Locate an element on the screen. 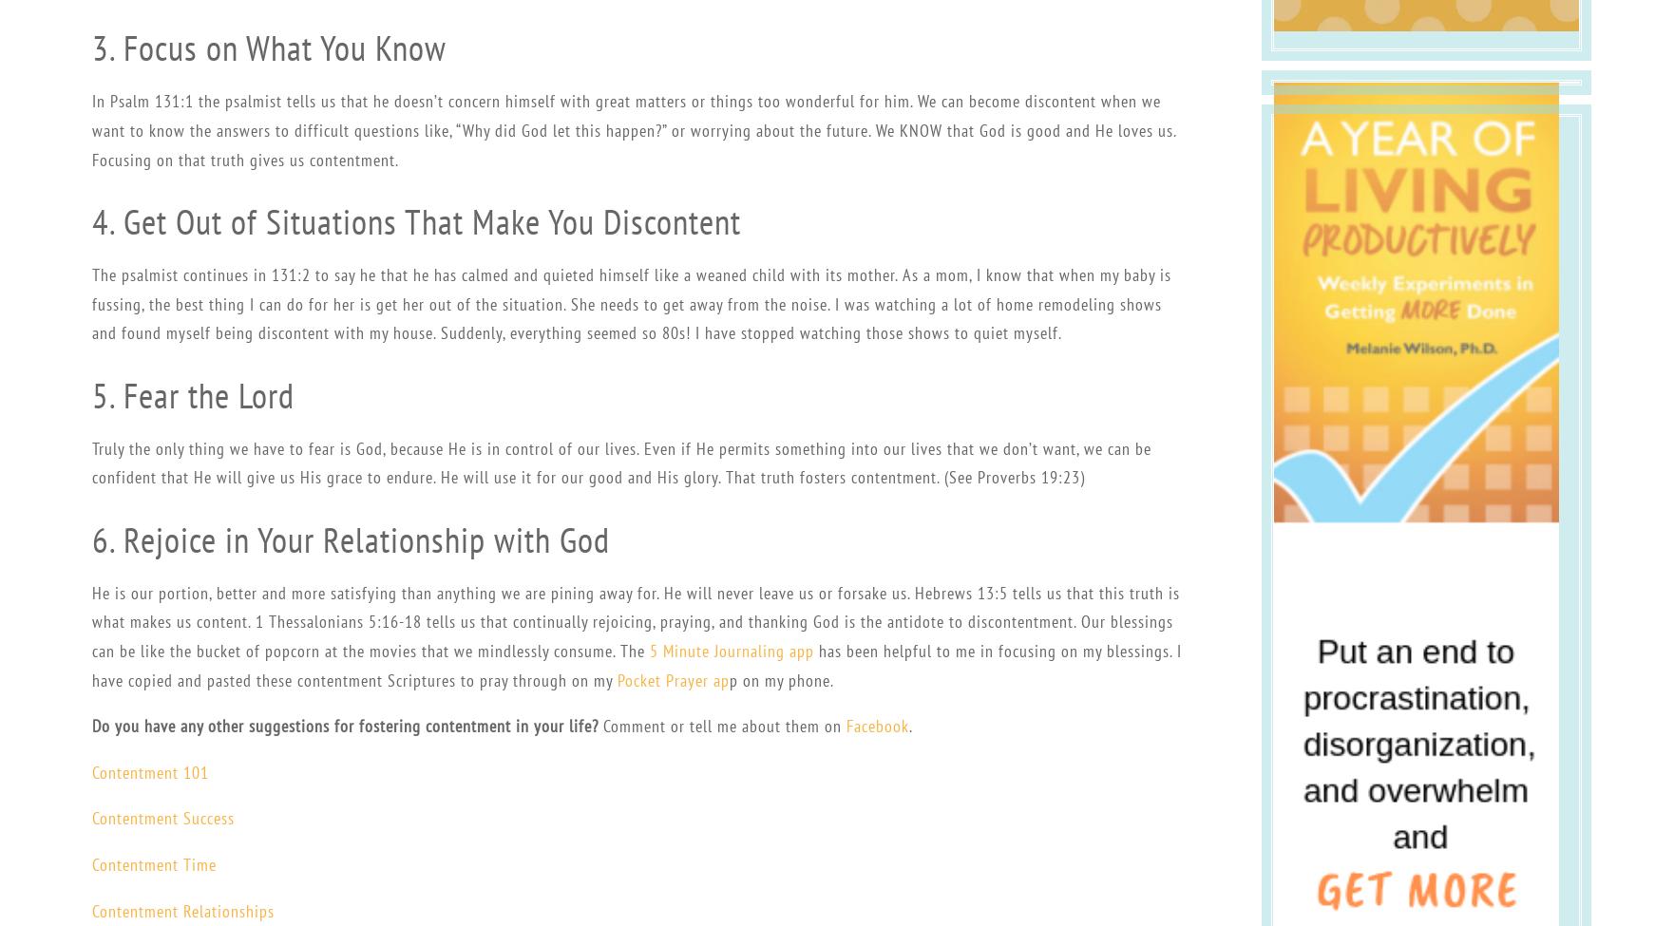 The image size is (1674, 926). '6. Rejoice in Your Relationship with God' is located at coordinates (91, 537).